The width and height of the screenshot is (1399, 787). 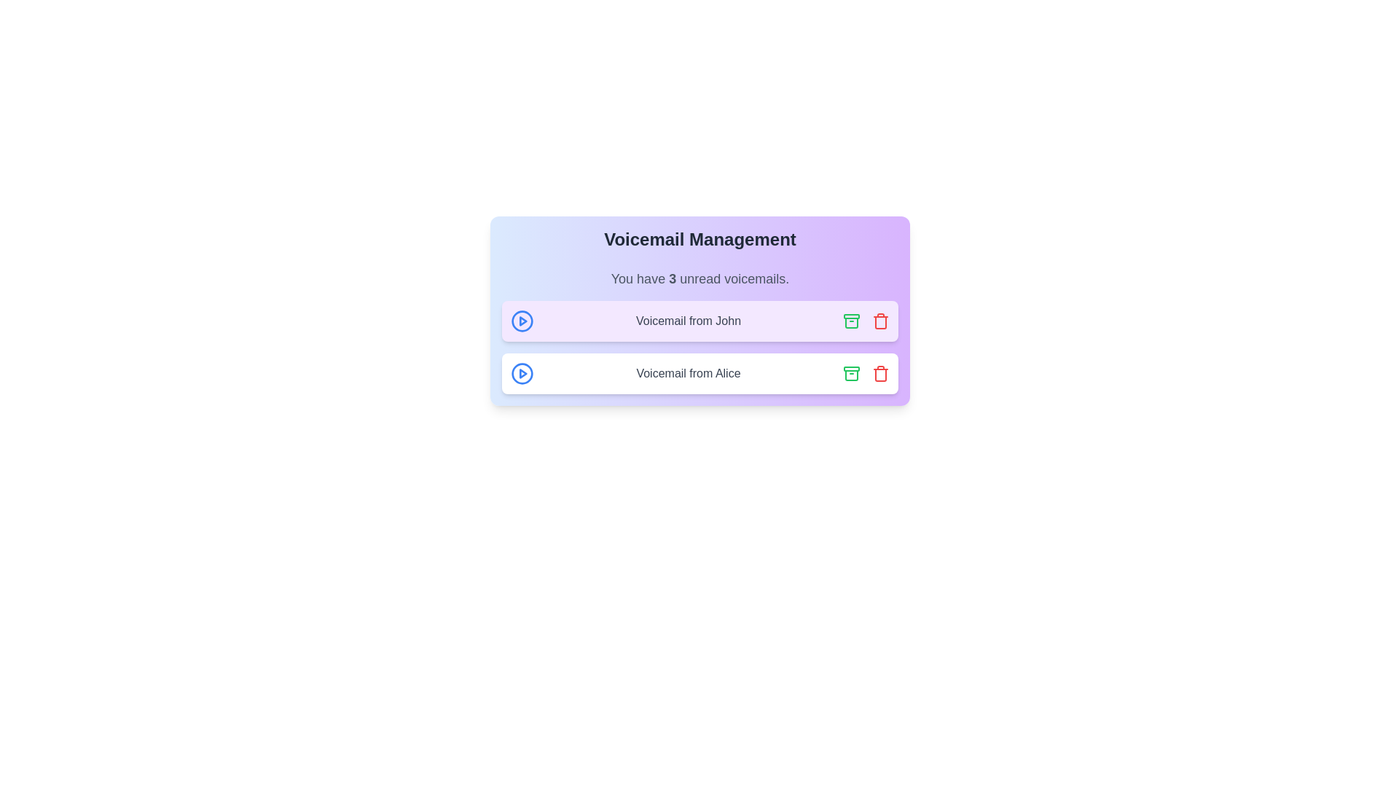 What do you see at coordinates (880, 373) in the screenshot?
I see `the trash icon delete button located at the extreme right of the 'Voicemail from Alice' entry` at bounding box center [880, 373].